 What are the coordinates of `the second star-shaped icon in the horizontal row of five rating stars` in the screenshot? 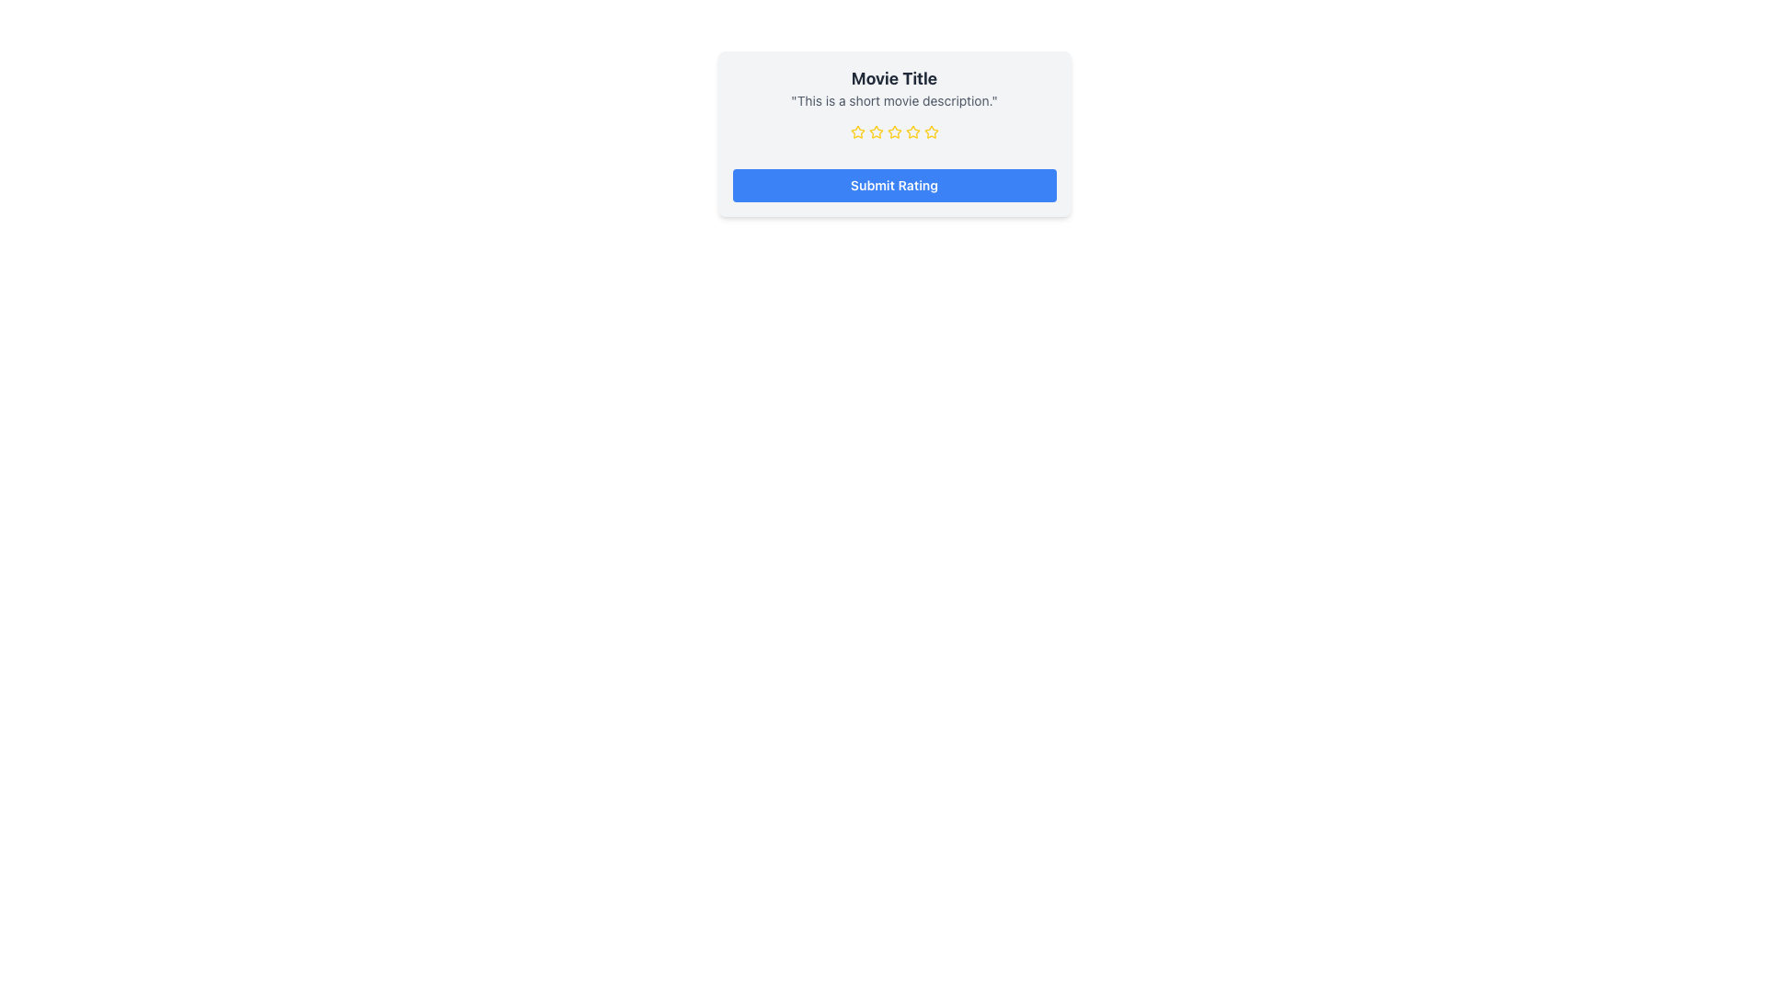 It's located at (875, 131).